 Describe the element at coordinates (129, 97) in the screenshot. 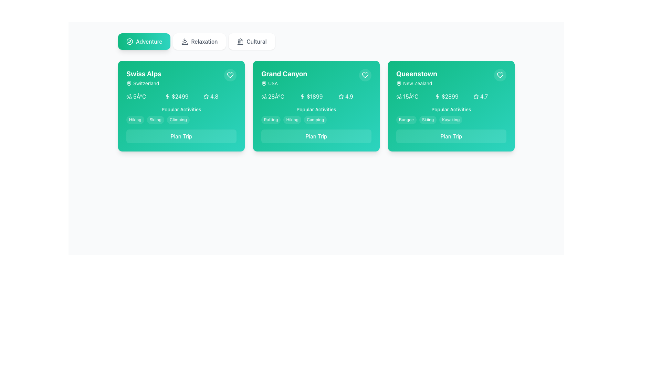

I see `the small square icon with a thermometer and sun motif located in the 'Swiss Alps' card, to the left of '5°C'` at that location.